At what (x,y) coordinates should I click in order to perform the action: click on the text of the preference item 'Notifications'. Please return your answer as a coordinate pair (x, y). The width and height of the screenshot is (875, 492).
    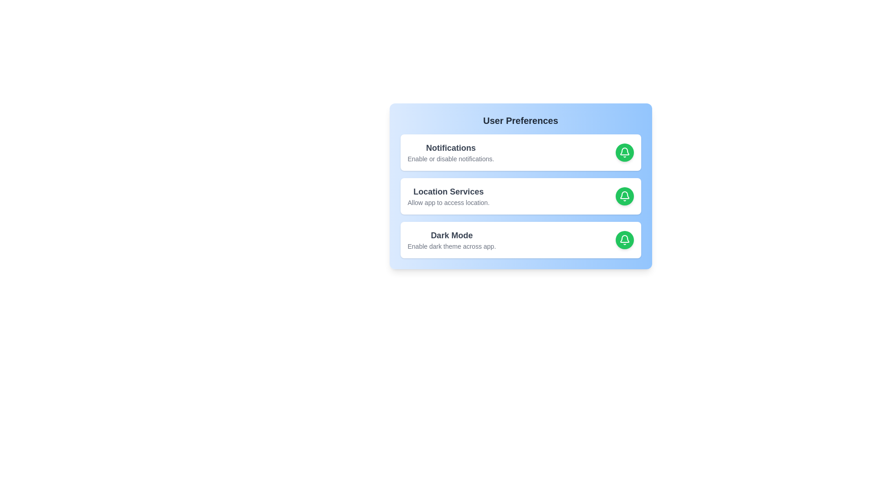
    Looking at the image, I should click on (451, 147).